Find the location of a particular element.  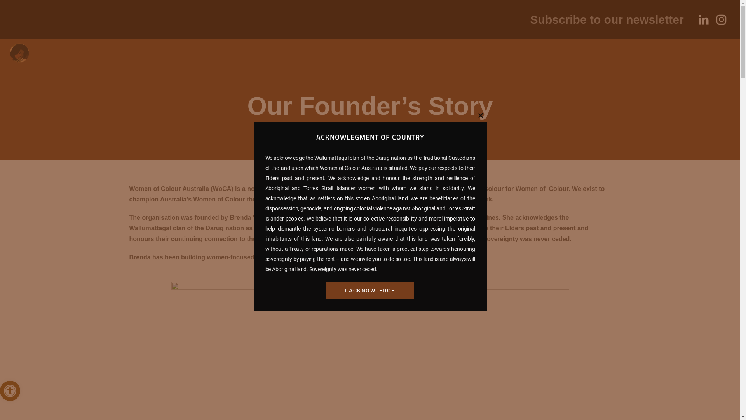

'linkedin' is located at coordinates (703, 19).